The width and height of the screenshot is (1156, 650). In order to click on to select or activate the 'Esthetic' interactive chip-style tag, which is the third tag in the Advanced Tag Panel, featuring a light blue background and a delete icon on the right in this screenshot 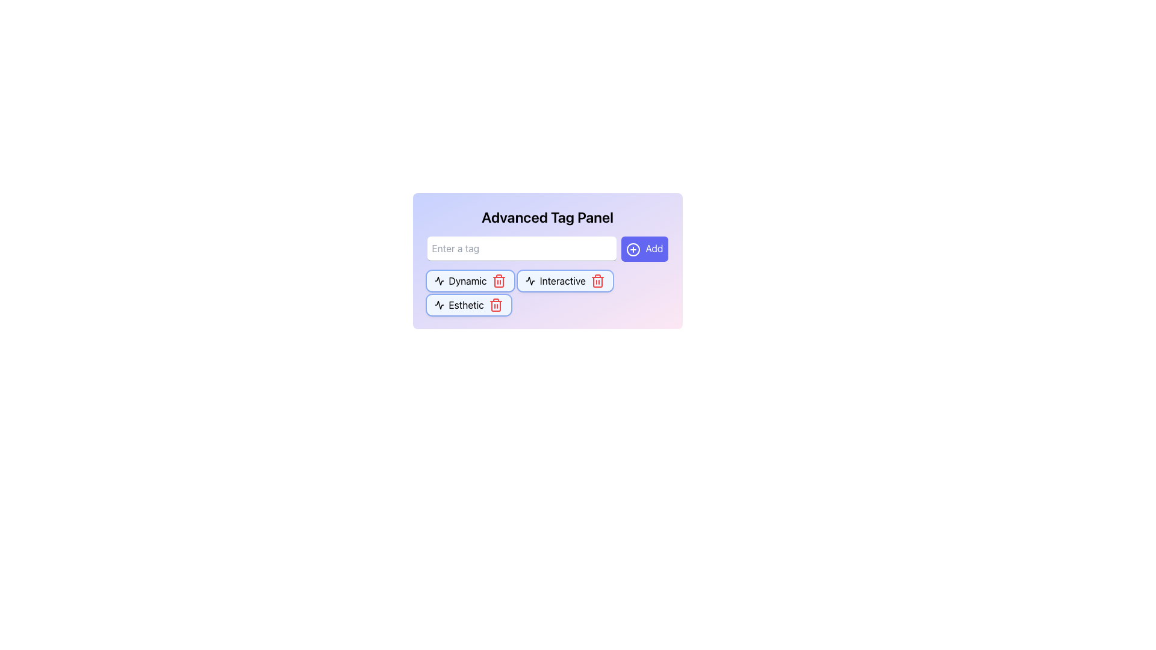, I will do `click(468, 304)`.